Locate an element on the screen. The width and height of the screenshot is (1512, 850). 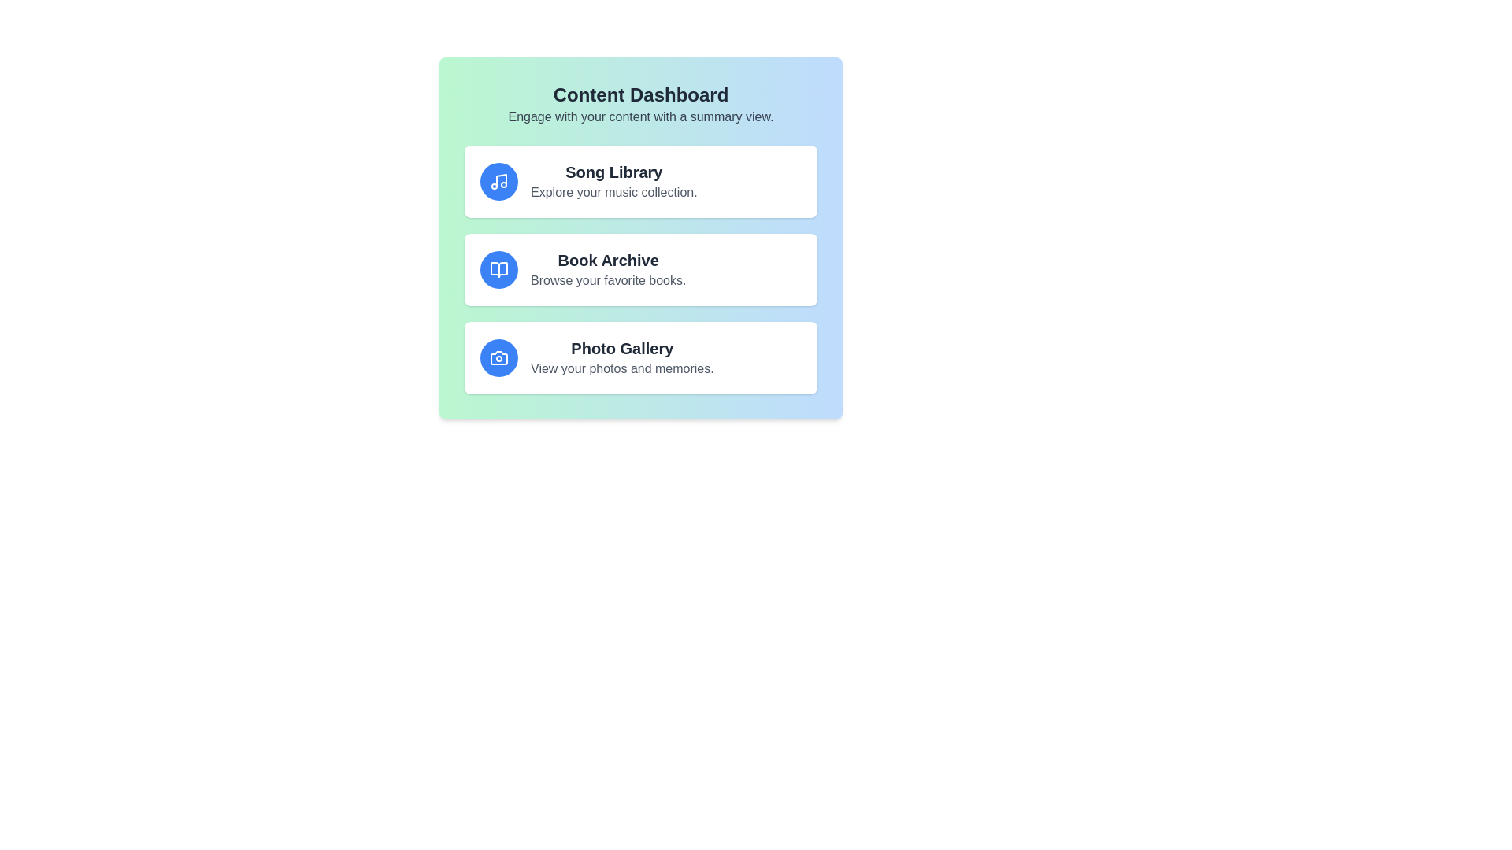
the item Song Library to see the hover effect is located at coordinates (641, 181).